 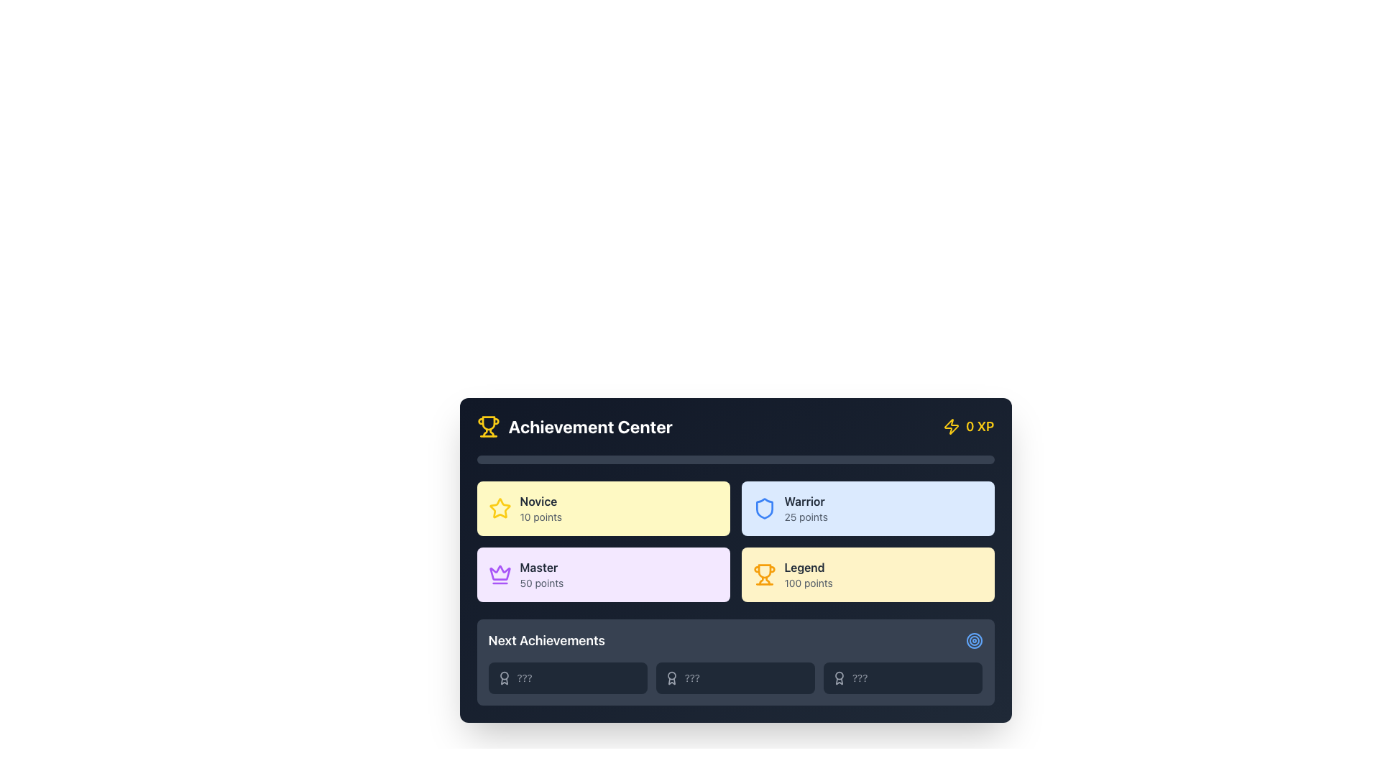 What do you see at coordinates (540, 508) in the screenshot?
I see `text content displayed in the achievement level block that shows 'Novice' and '10 points', located in the top-left of the Achievement Center section, above the Master card and to the left of the Warrior card` at bounding box center [540, 508].